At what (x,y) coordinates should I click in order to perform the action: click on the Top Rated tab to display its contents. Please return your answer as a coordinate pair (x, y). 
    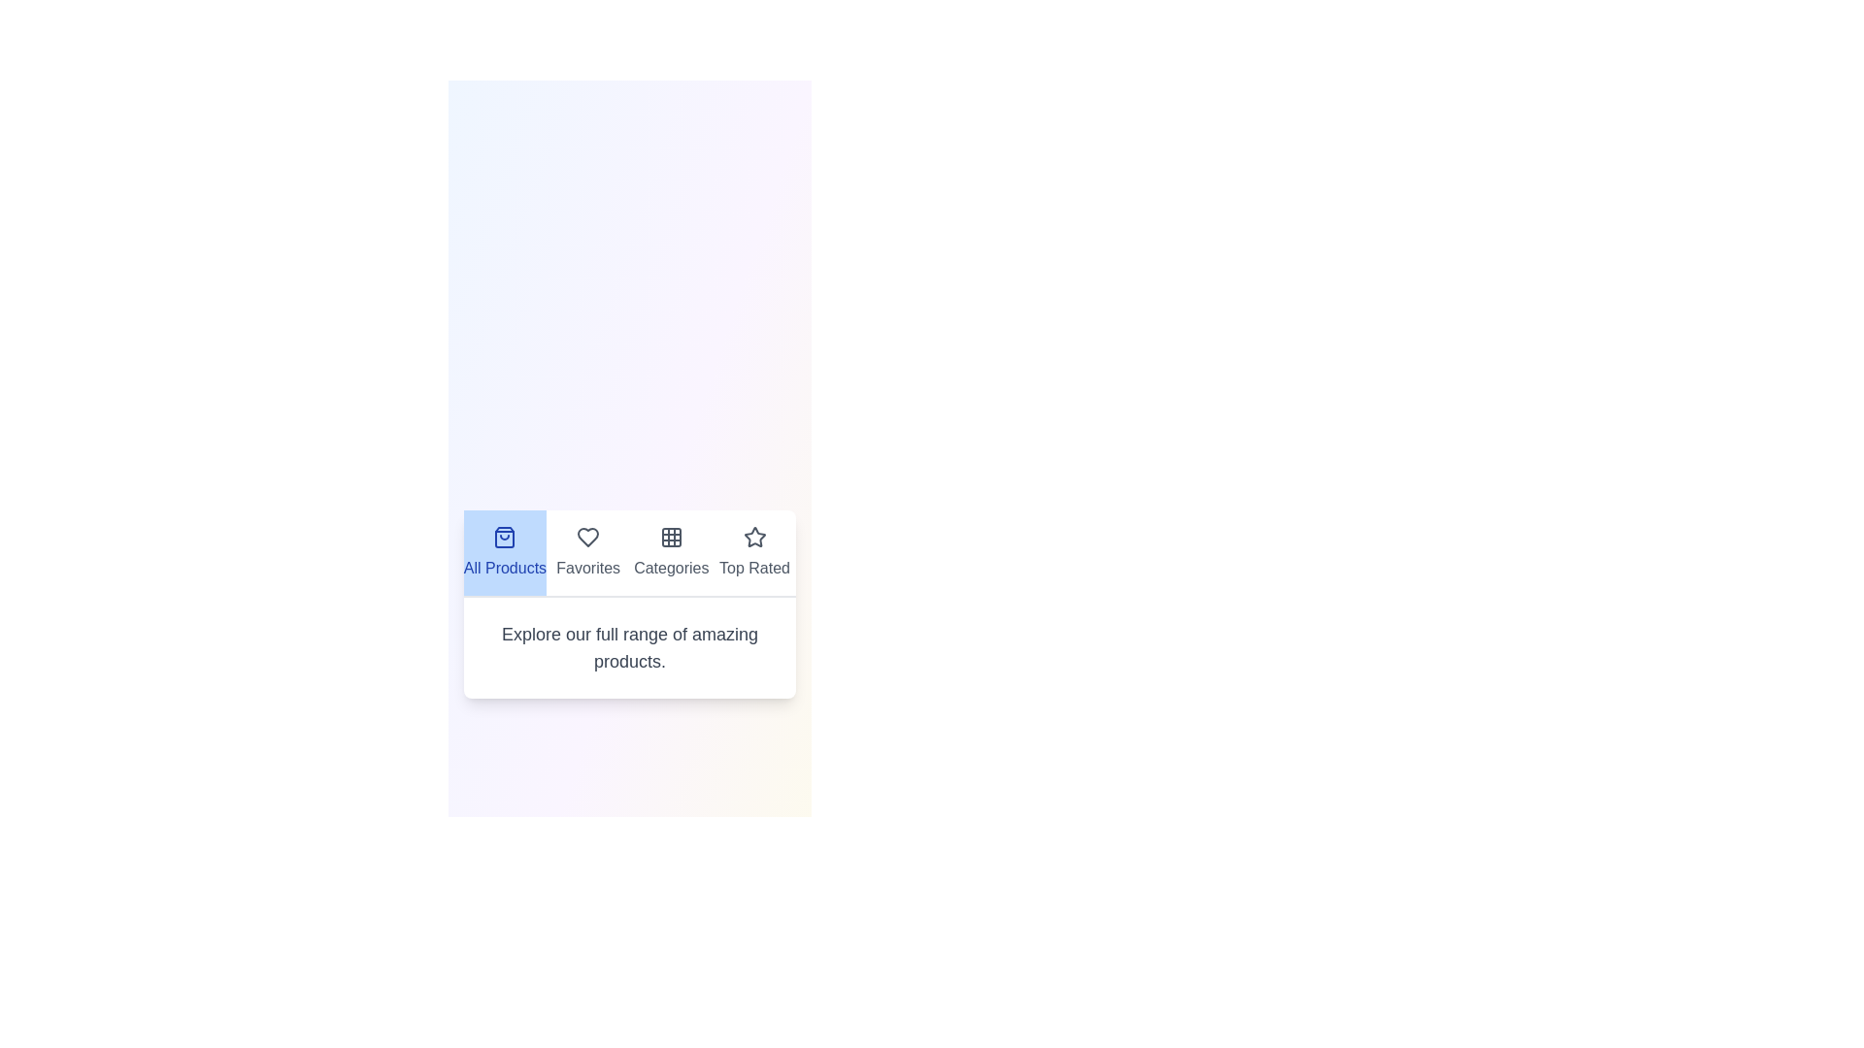
    Looking at the image, I should click on (753, 553).